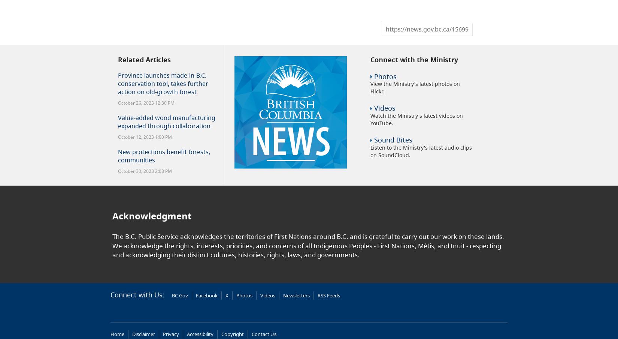  I want to click on 'October 26, 2023 12:30 PM', so click(146, 102).